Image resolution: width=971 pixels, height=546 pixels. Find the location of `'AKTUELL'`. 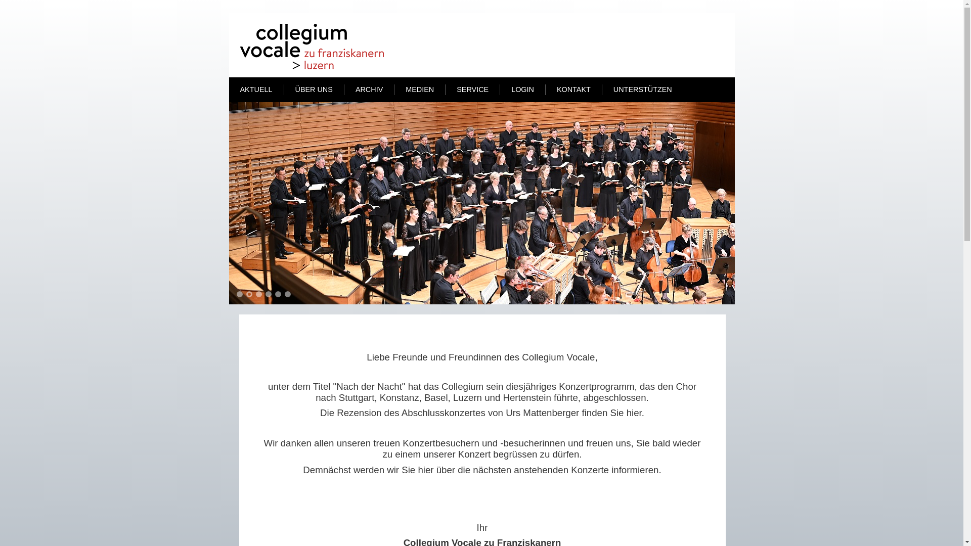

'AKTUELL' is located at coordinates (232, 89).